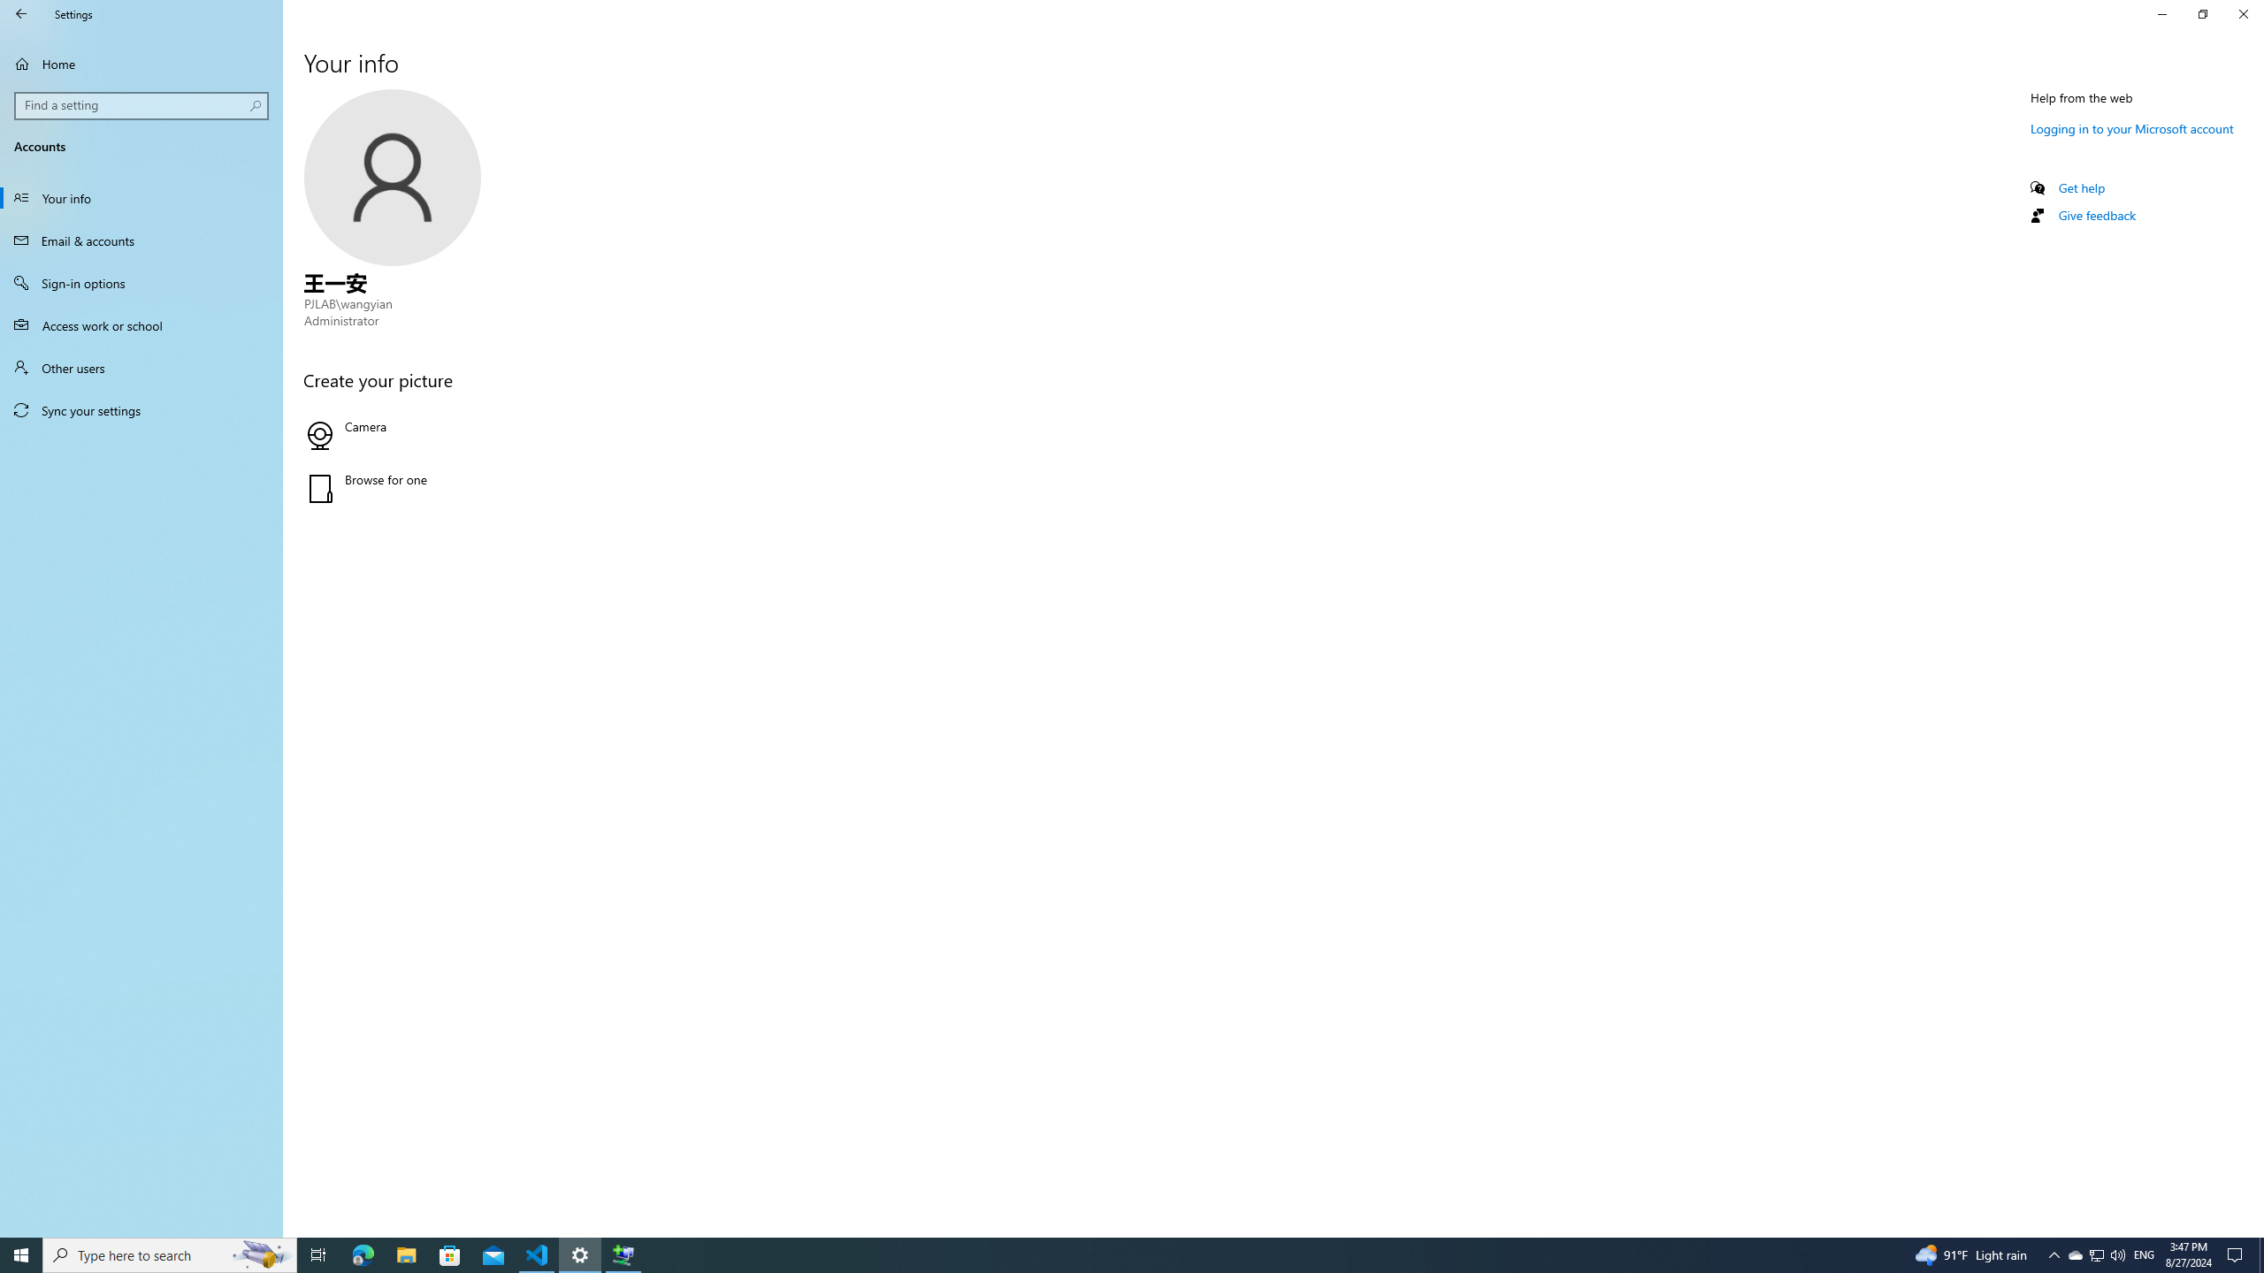  Describe the element at coordinates (2131, 128) in the screenshot. I see `'Logging in to your Microsoft account'` at that location.